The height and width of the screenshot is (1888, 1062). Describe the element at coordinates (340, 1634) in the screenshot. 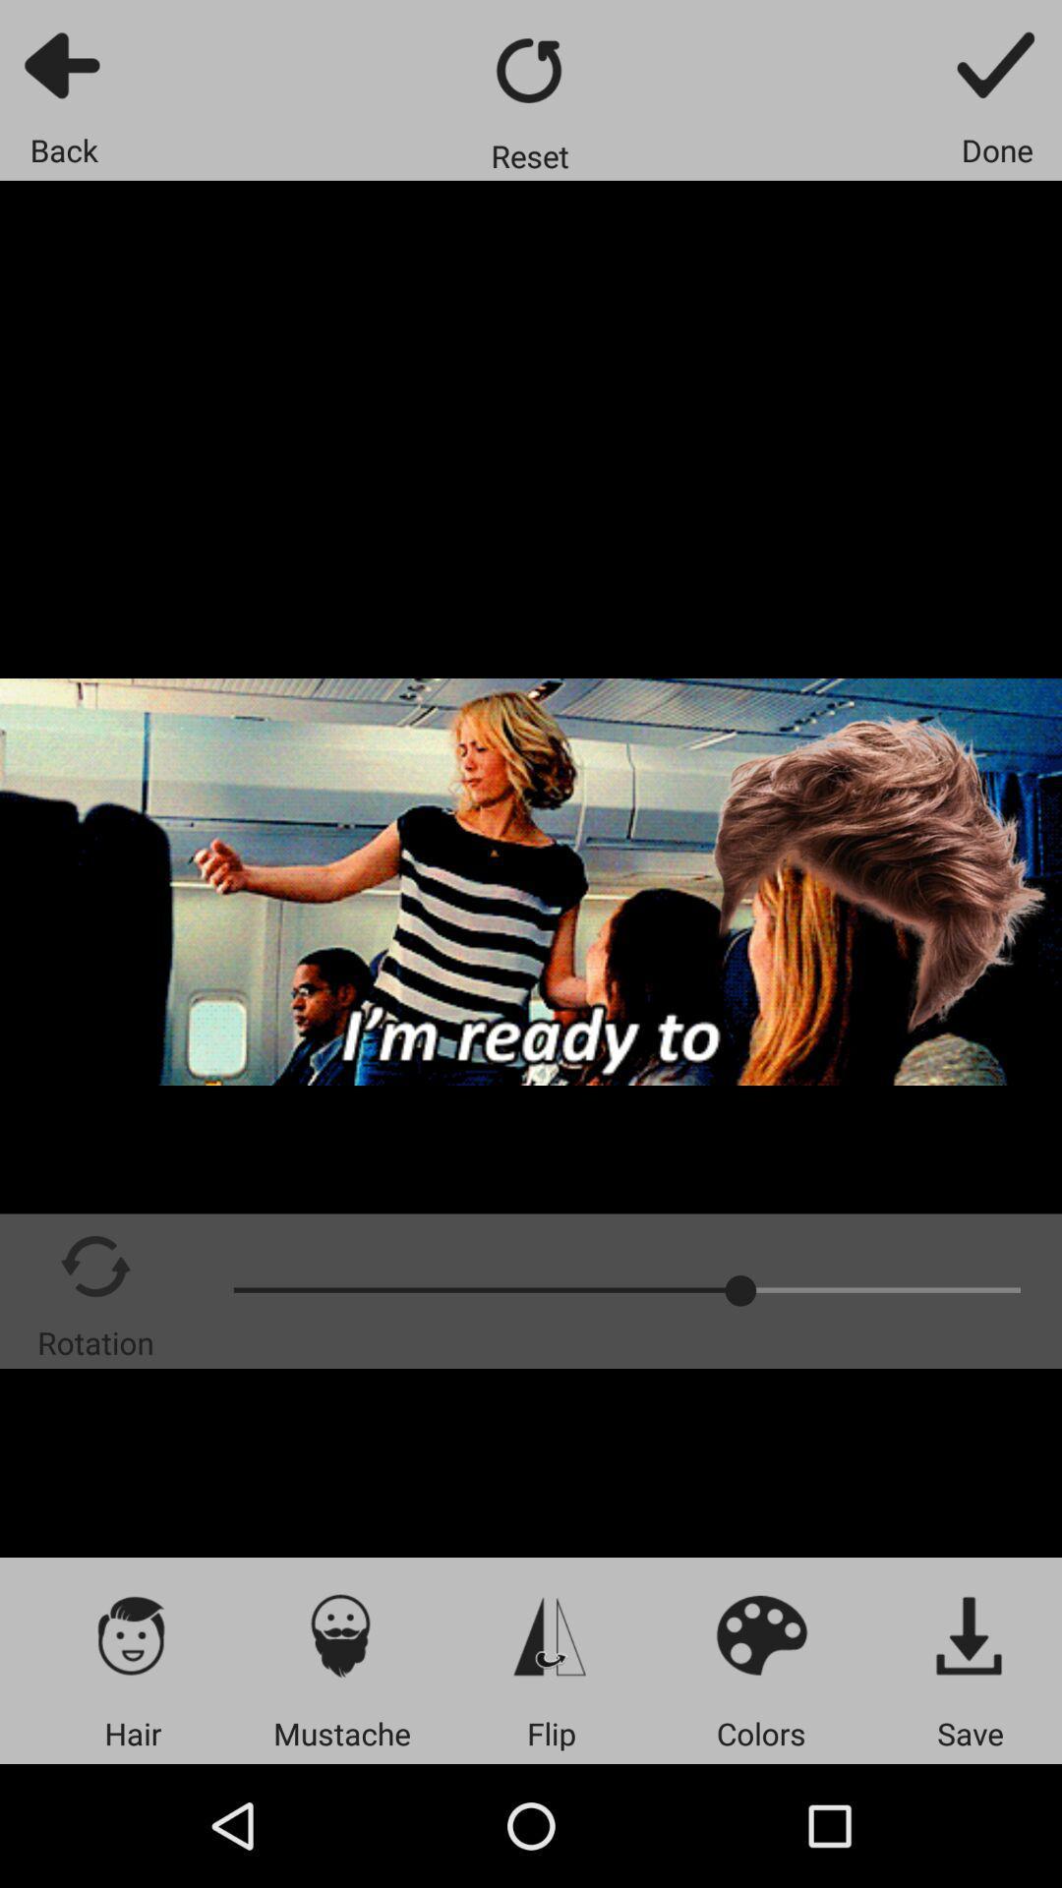

I see `mustache photo edit` at that location.